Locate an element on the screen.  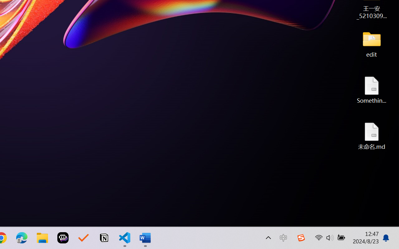
'edit' is located at coordinates (372, 44).